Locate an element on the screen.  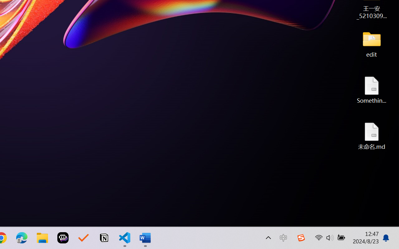
'edit' is located at coordinates (372, 44).